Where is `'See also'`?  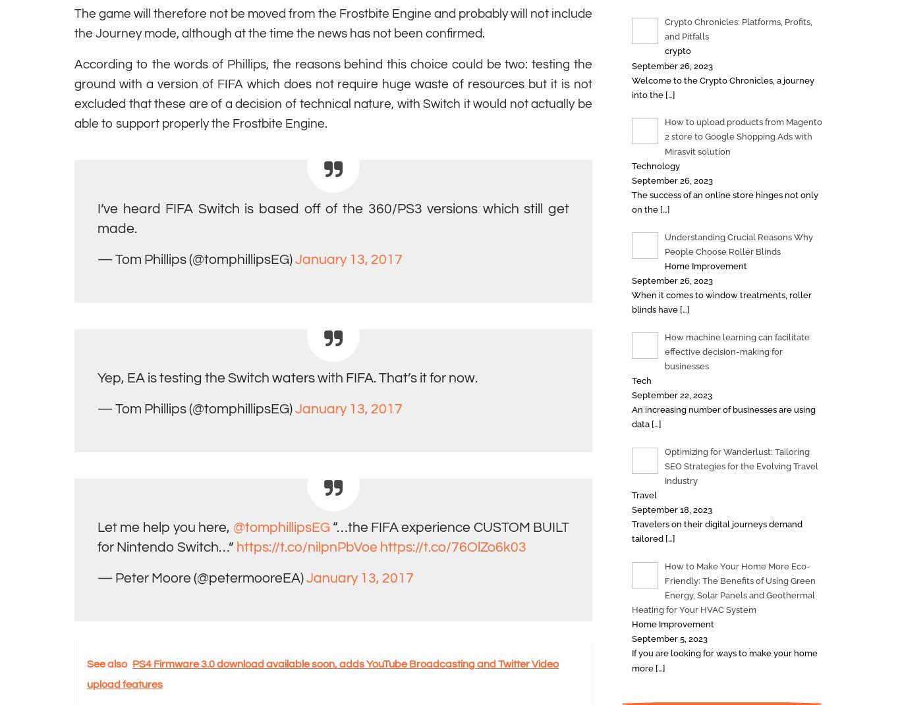 'See also' is located at coordinates (106, 664).